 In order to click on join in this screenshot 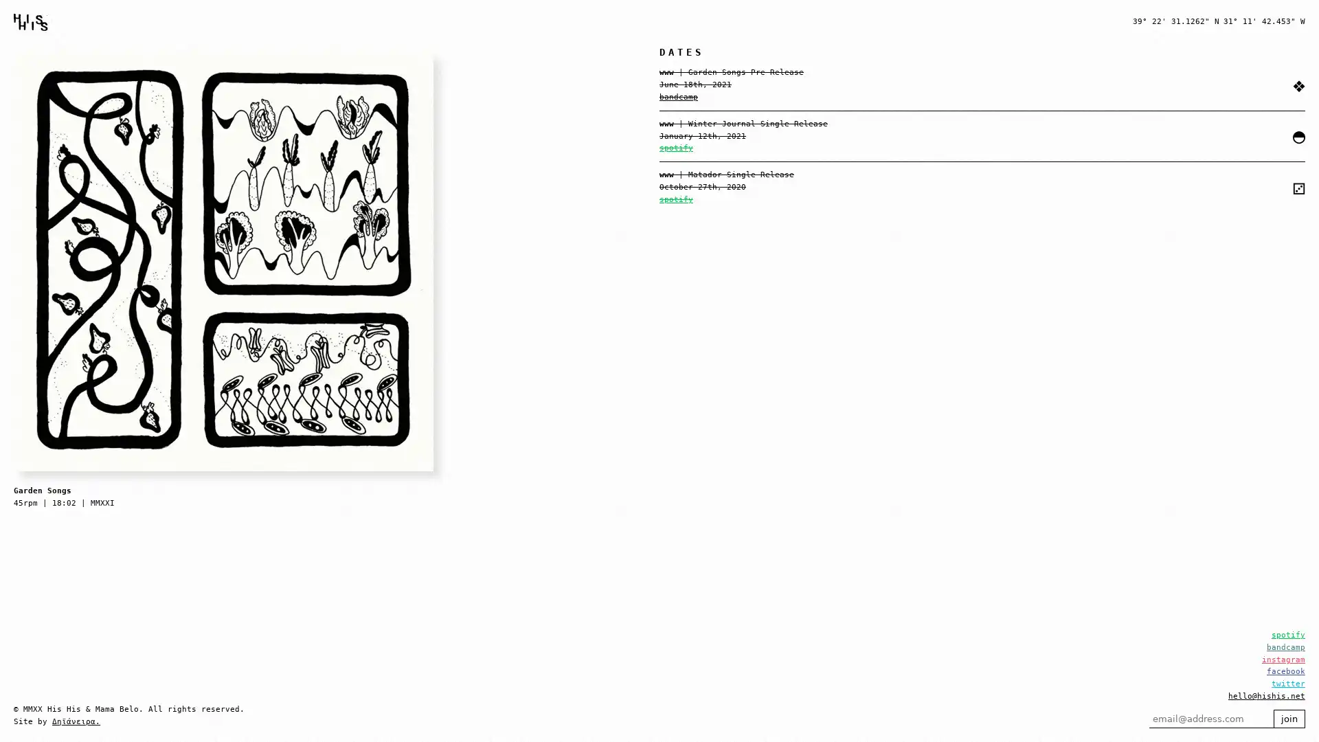, I will do `click(1220, 677)`.